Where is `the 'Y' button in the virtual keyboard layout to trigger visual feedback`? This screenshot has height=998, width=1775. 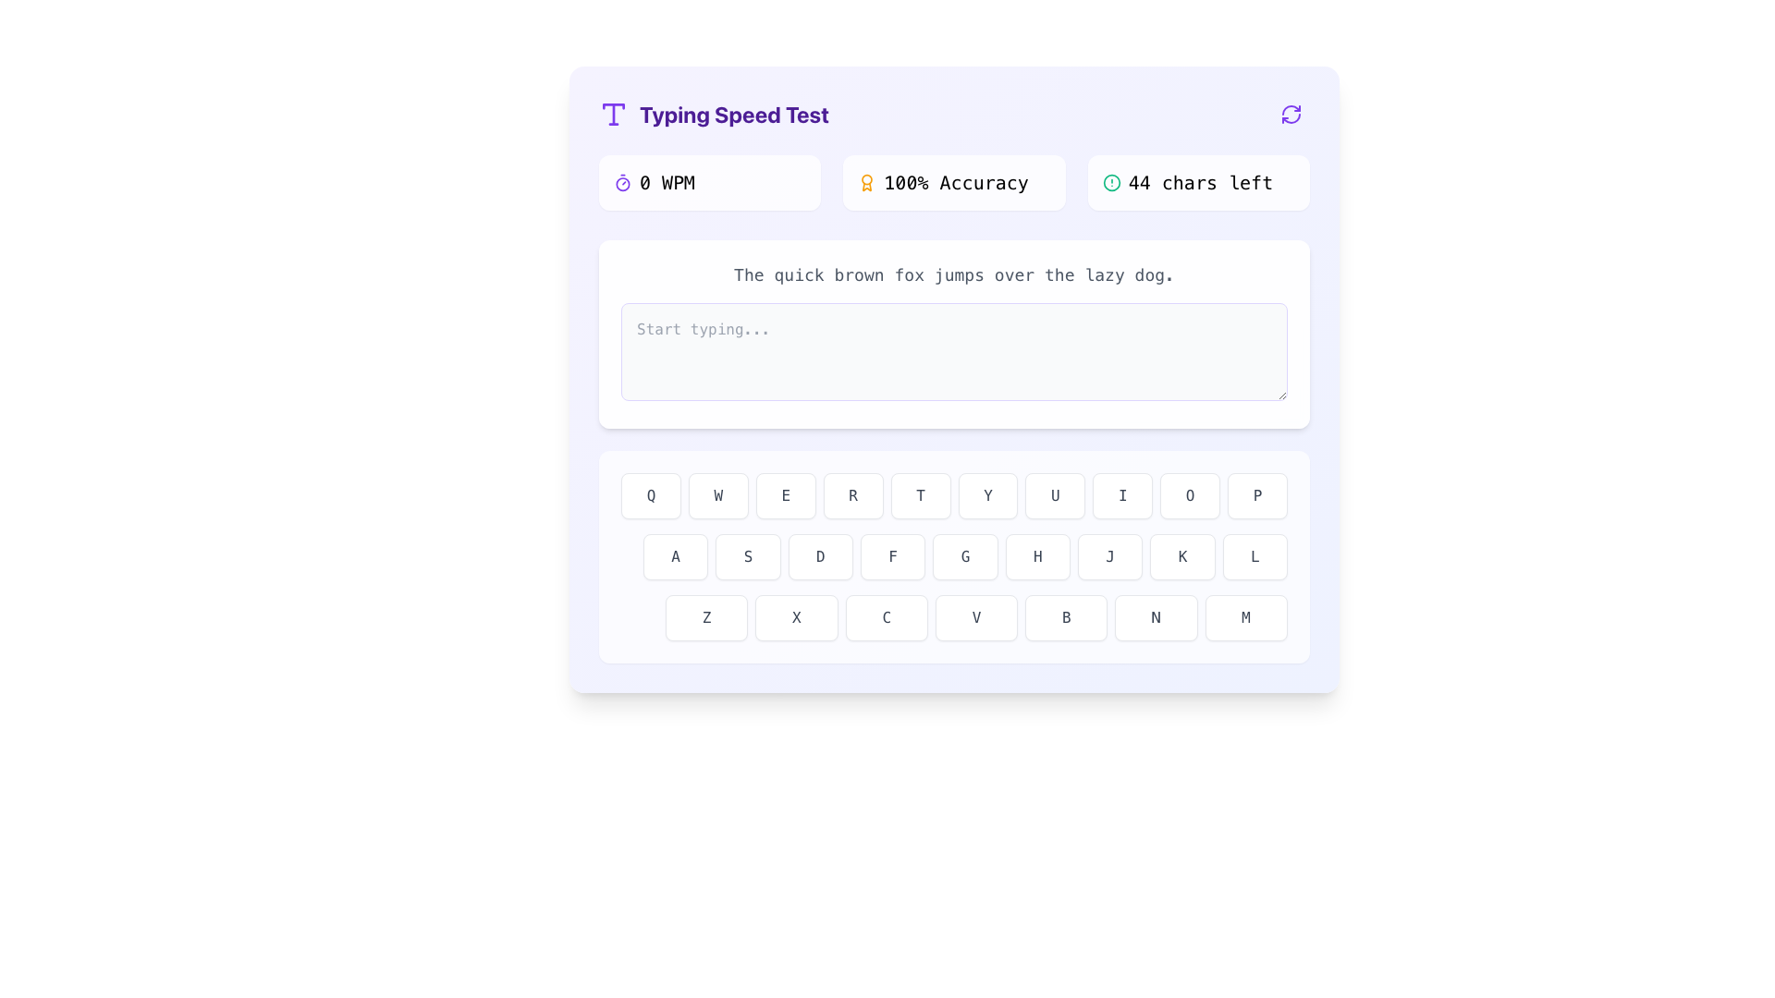
the 'Y' button in the virtual keyboard layout to trigger visual feedback is located at coordinates (986, 494).